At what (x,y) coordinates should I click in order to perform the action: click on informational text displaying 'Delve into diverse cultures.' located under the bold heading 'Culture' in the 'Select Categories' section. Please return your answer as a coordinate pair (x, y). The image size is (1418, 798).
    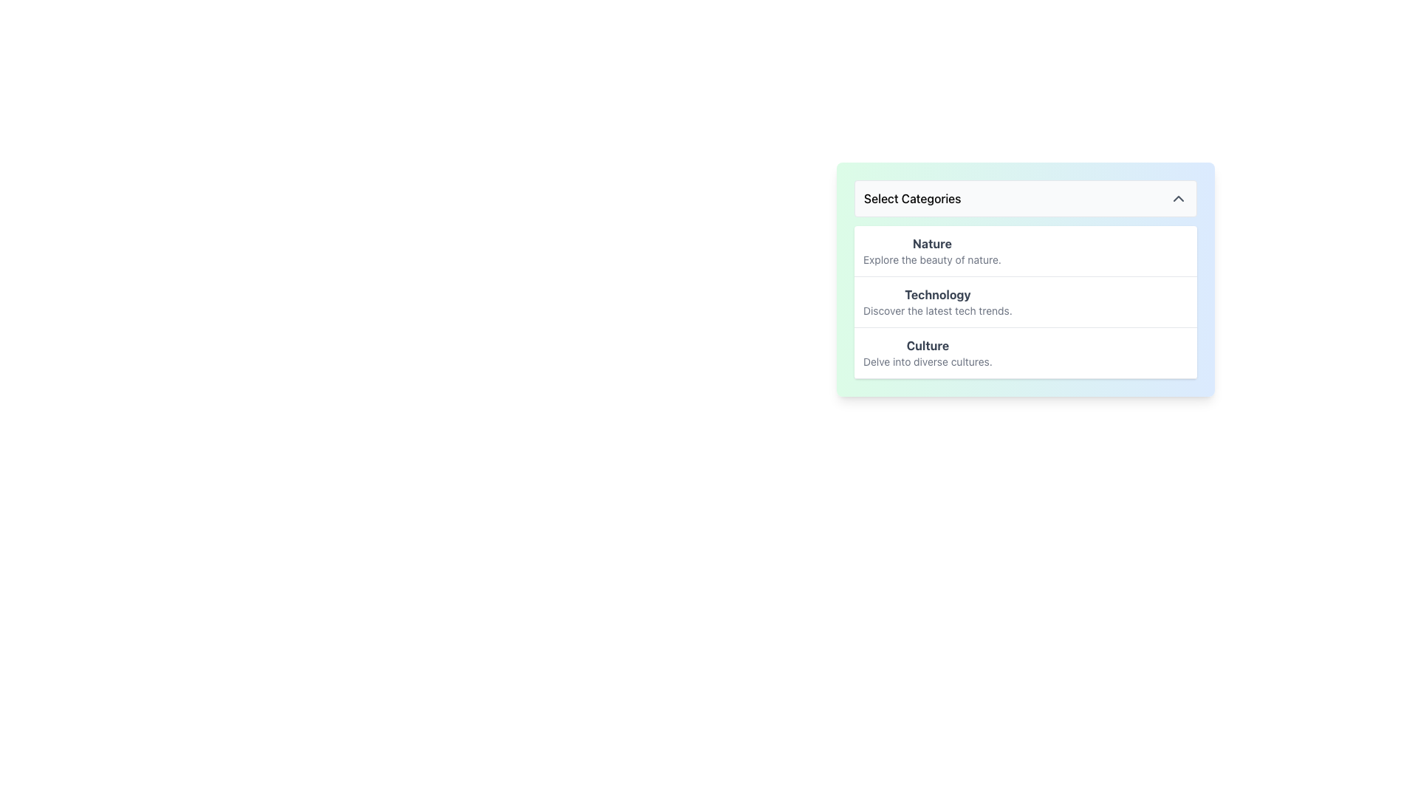
    Looking at the image, I should click on (927, 361).